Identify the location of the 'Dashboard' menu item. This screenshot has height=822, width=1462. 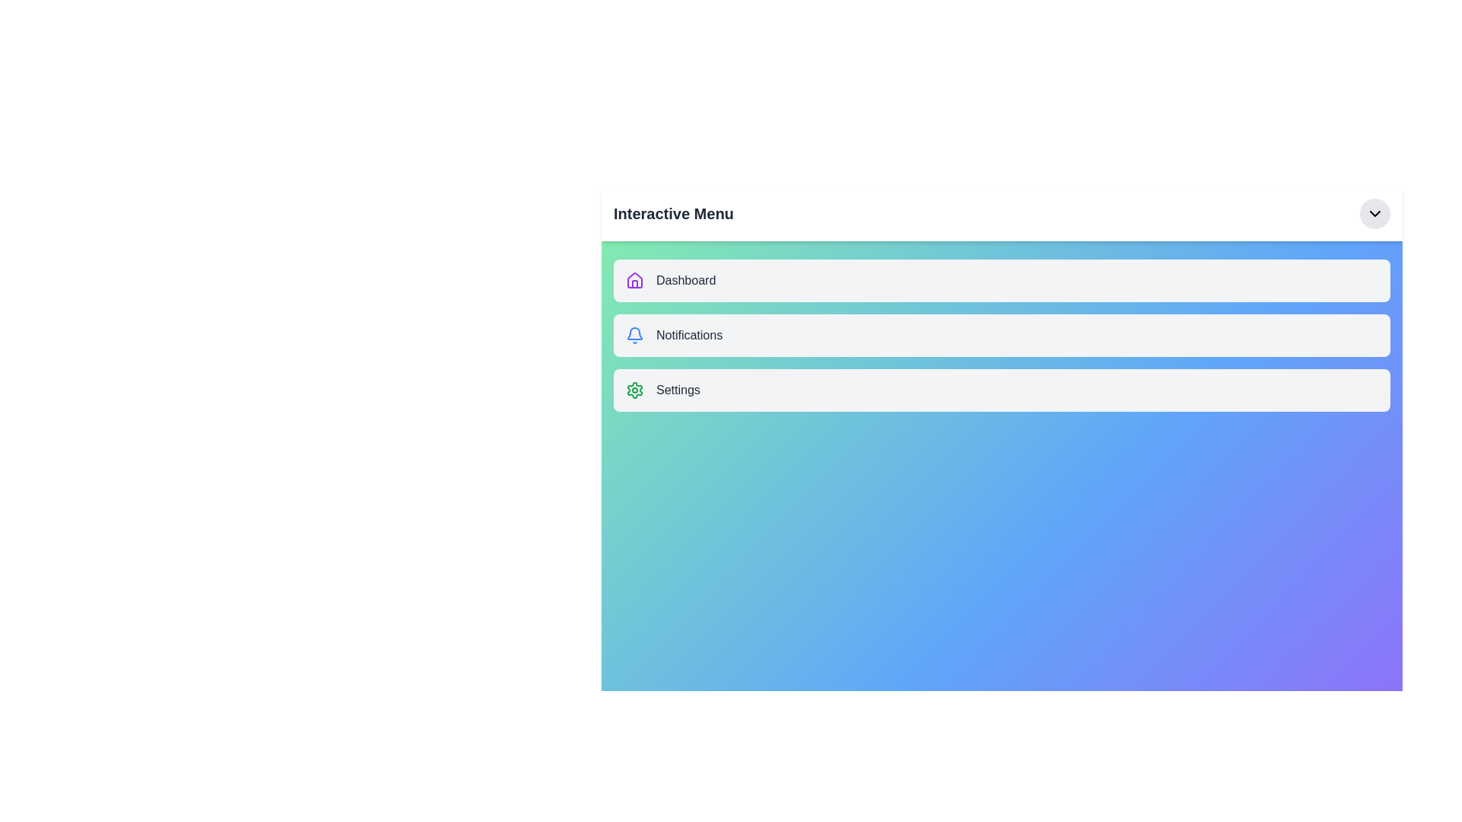
(1001, 281).